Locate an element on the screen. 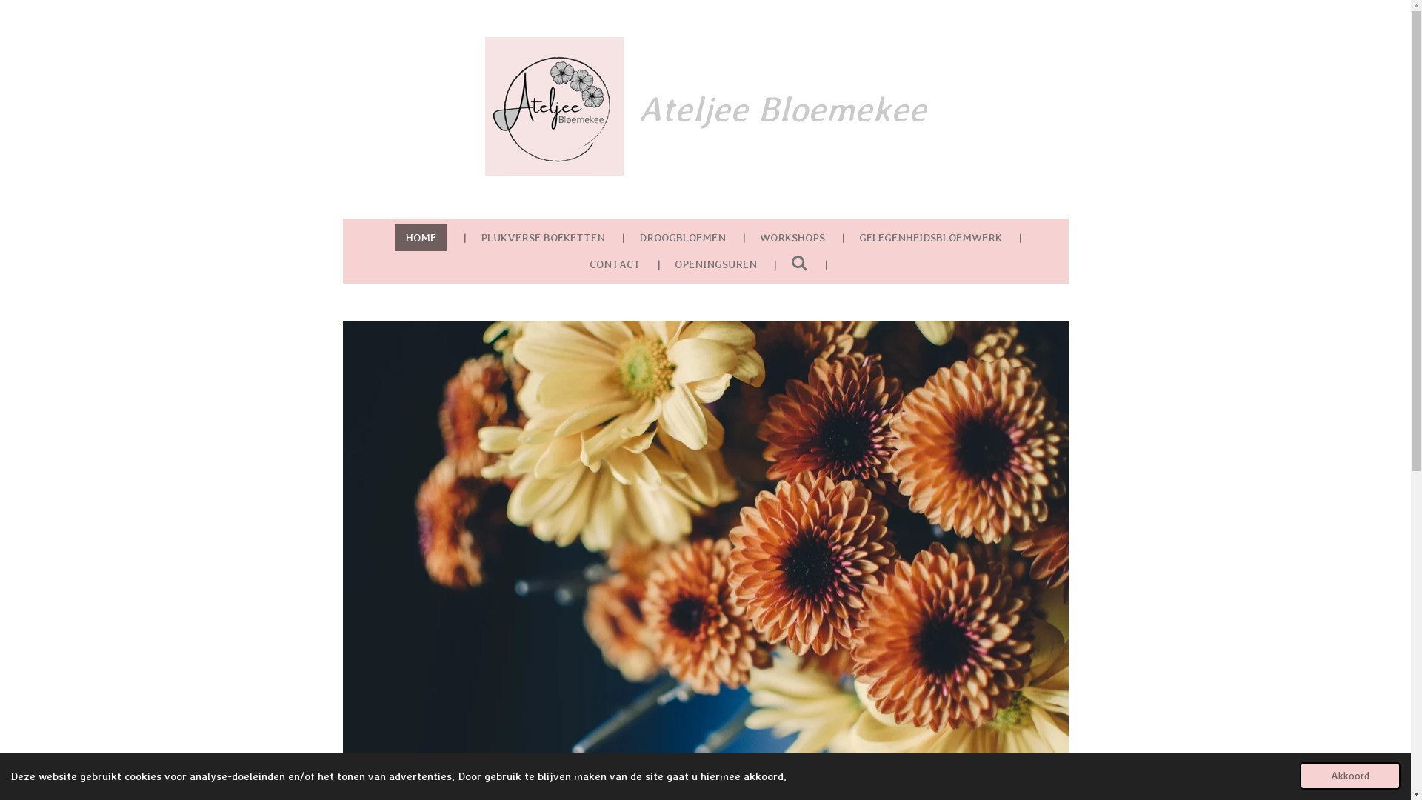  'Ateljee Bloemekee' is located at coordinates (553, 105).